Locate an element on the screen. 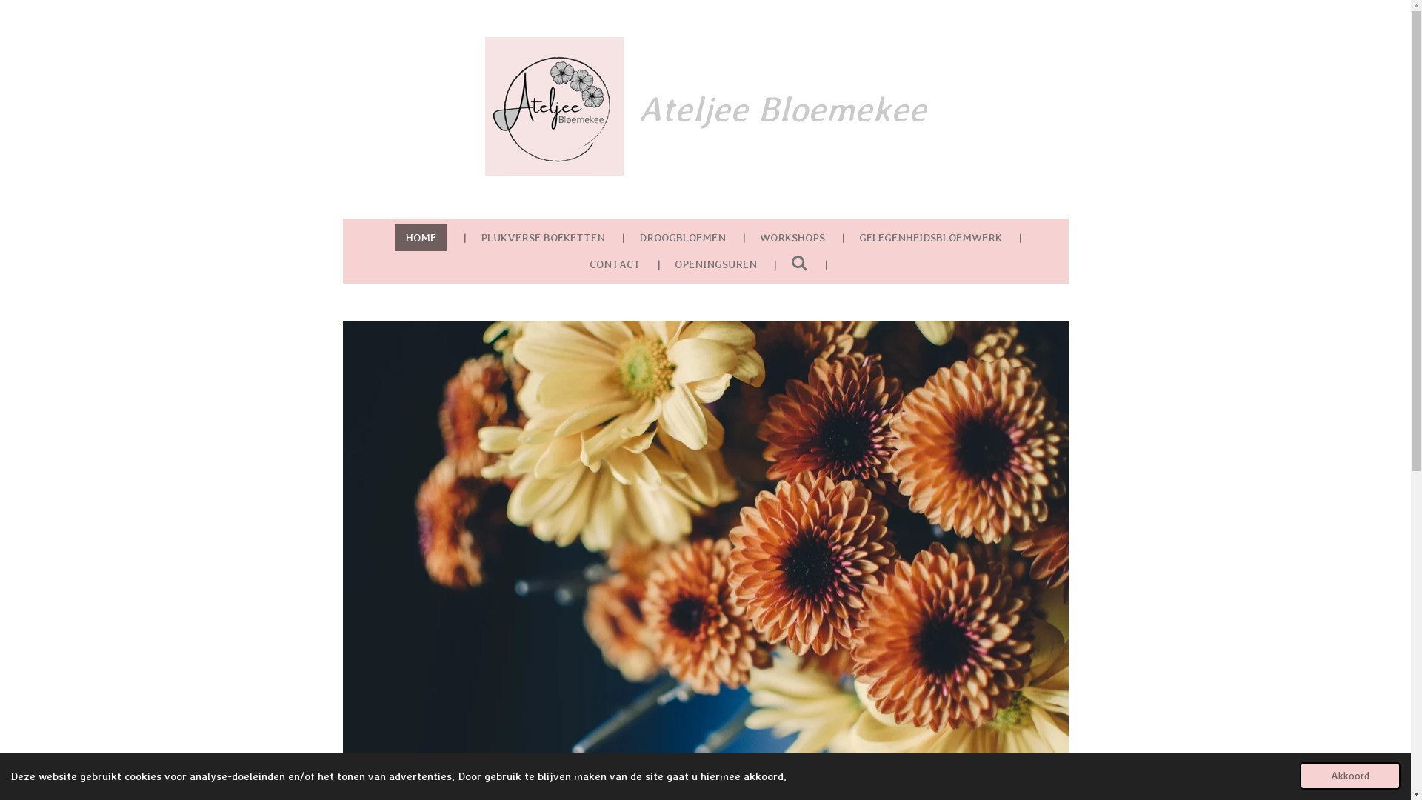  'Ateljee Bloemekee' is located at coordinates (553, 105).